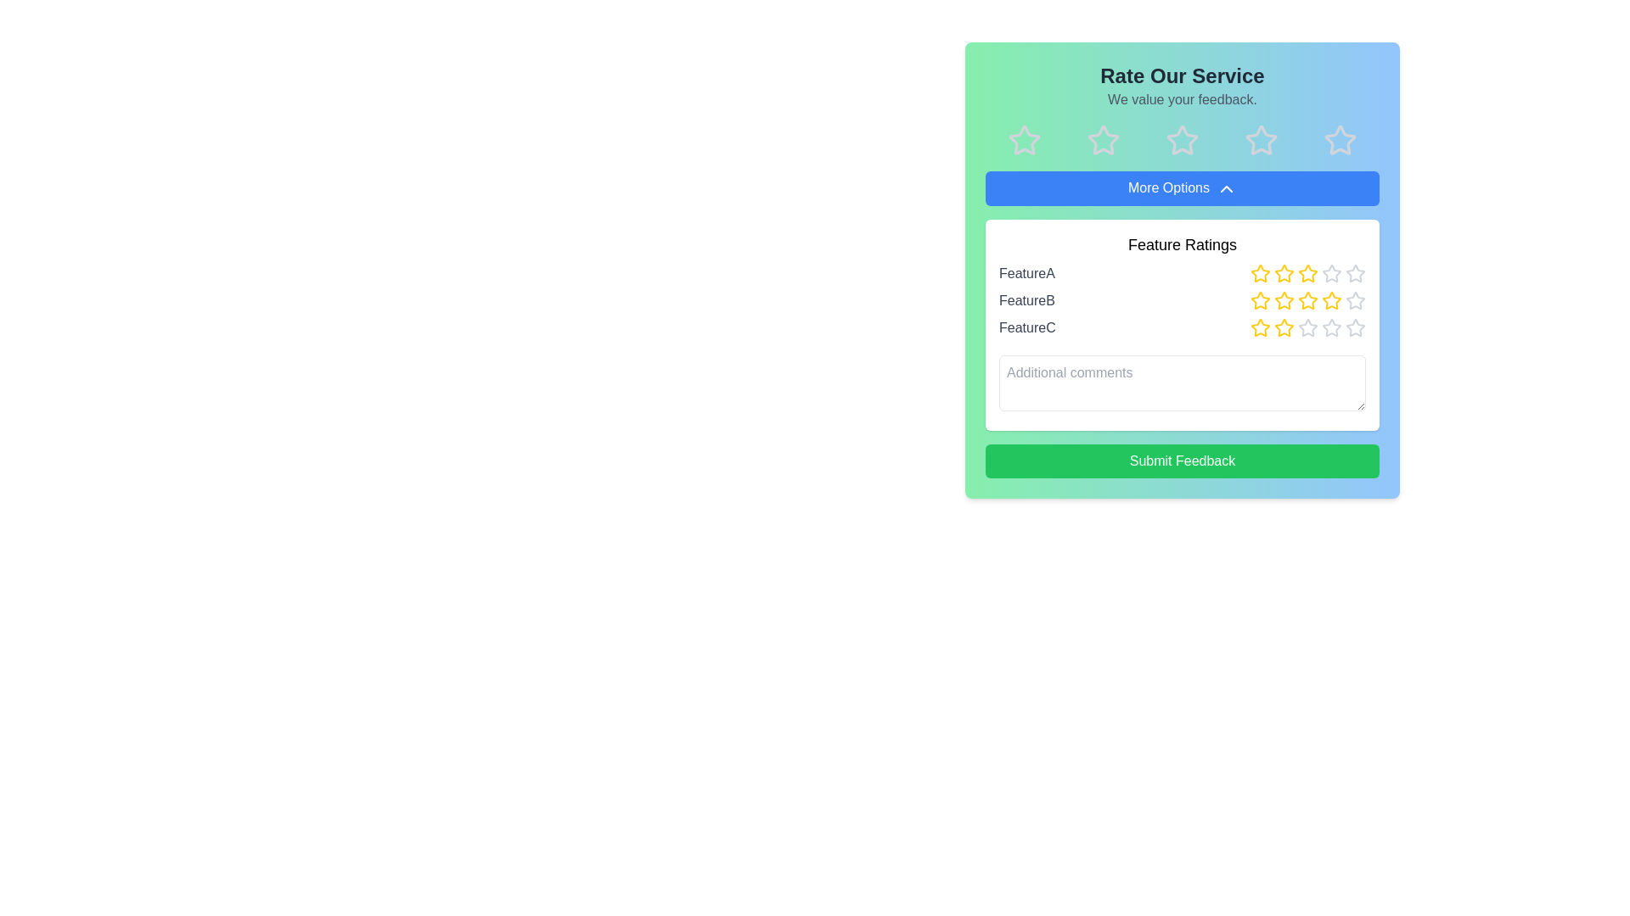  What do you see at coordinates (1339, 139) in the screenshot?
I see `the fifth hollow star icon in gray for rating located just below the 'Rate Our Service' header` at bounding box center [1339, 139].